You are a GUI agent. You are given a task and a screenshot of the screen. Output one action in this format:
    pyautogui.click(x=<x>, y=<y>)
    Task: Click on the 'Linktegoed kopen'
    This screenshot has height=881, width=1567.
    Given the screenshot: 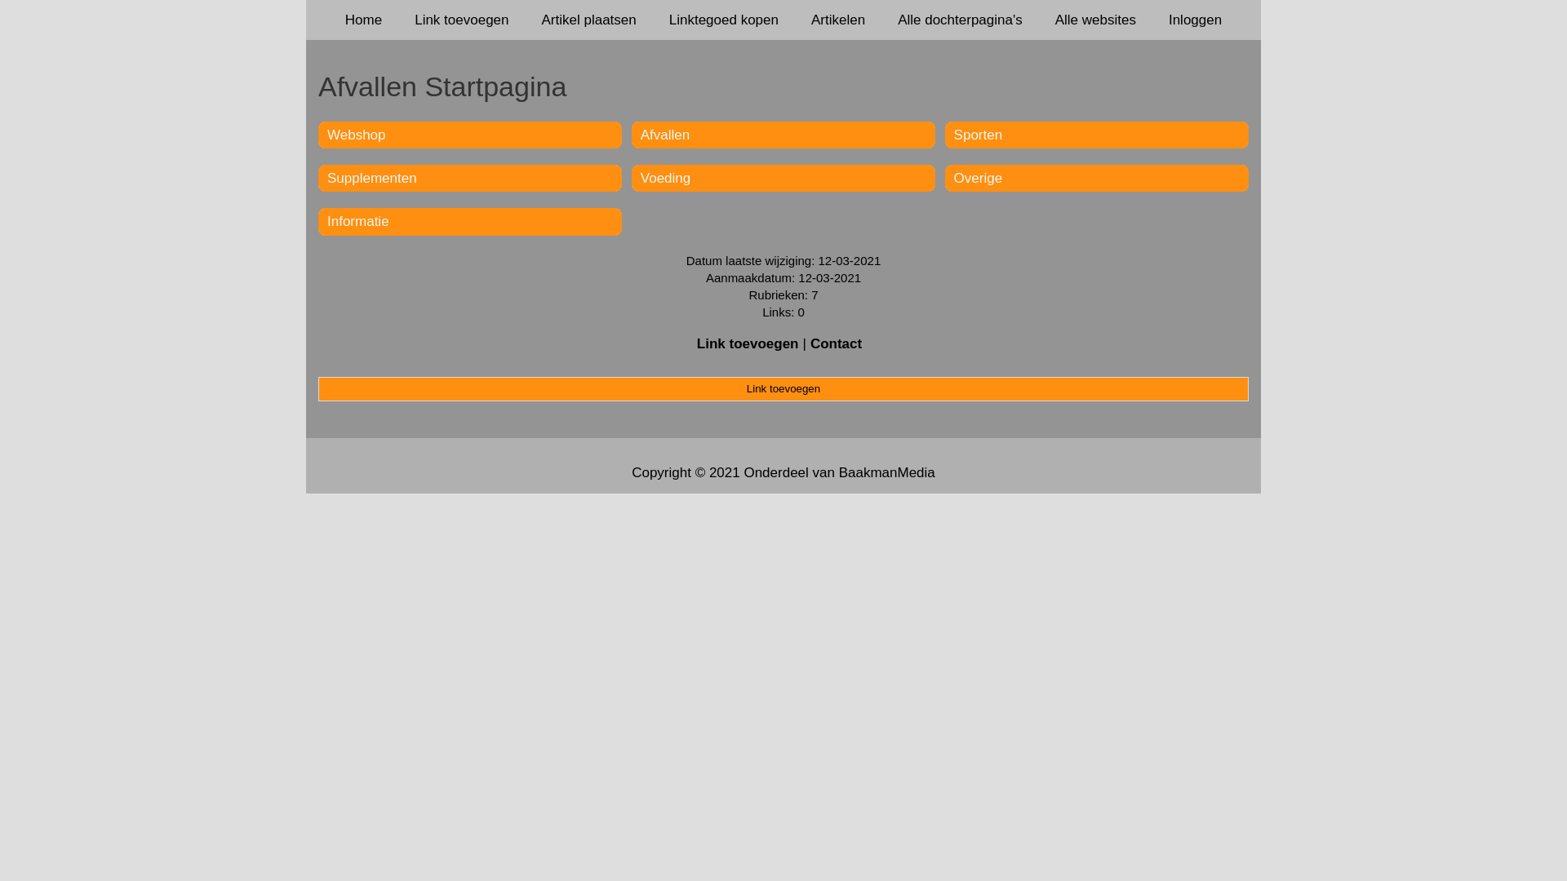 What is the action you would take?
    pyautogui.click(x=723, y=20)
    